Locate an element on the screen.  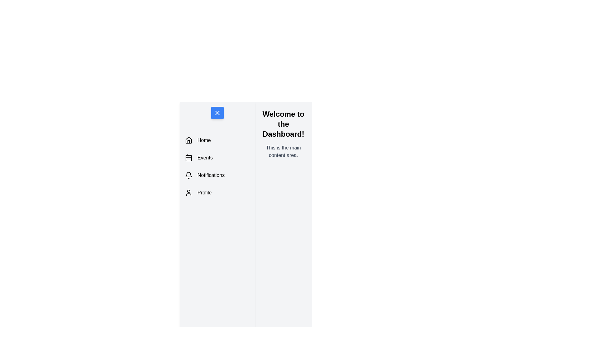
the close button located at the top of the left side panel is located at coordinates (217, 113).